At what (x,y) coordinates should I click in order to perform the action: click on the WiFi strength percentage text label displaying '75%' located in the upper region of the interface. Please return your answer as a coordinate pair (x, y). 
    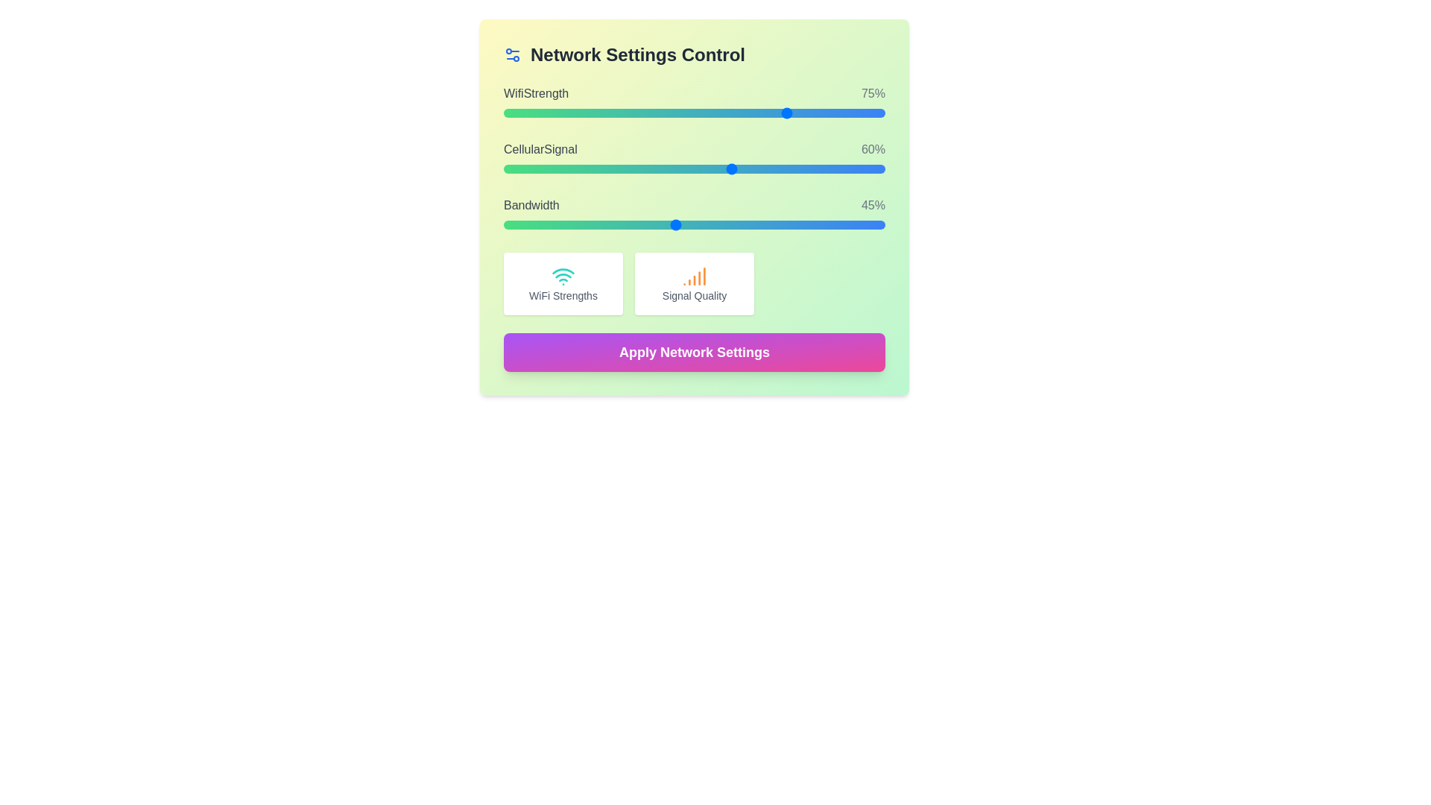
    Looking at the image, I should click on (873, 94).